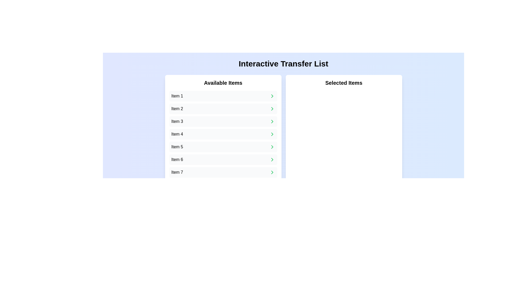  What do you see at coordinates (223, 109) in the screenshot?
I see `the second item in the 'Available Items' list located on the left side of the interface` at bounding box center [223, 109].